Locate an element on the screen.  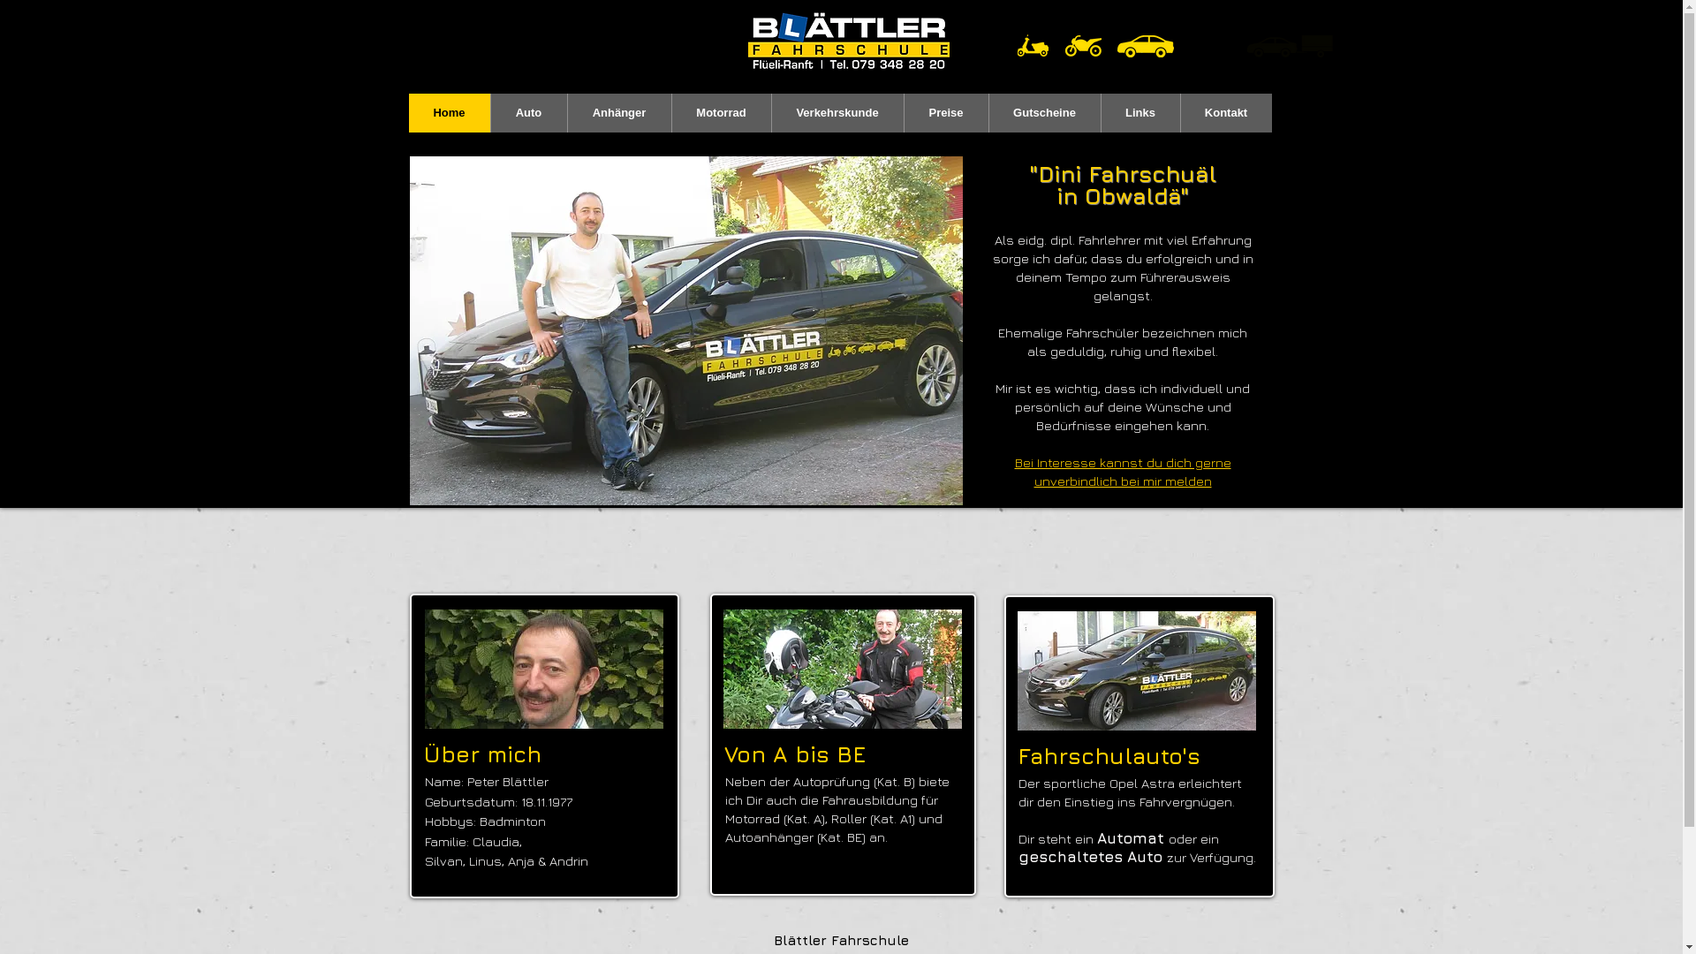
'Auto' is located at coordinates (526, 112).